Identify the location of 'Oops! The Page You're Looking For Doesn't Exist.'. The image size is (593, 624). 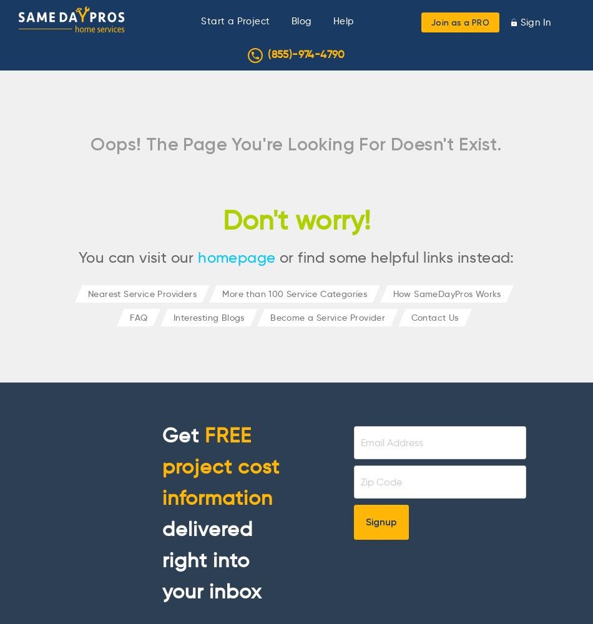
(295, 143).